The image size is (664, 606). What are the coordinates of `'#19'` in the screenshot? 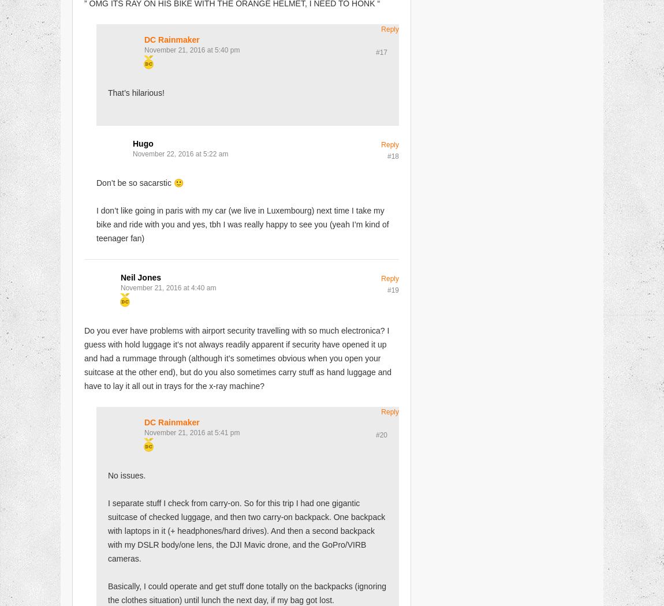 It's located at (392, 289).